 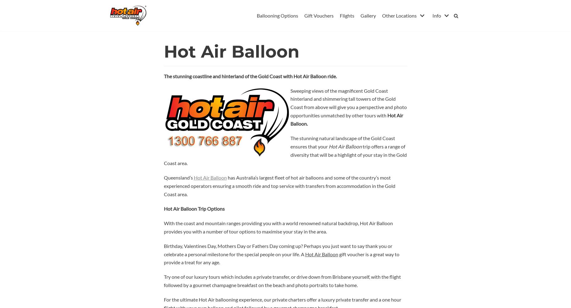 What do you see at coordinates (319, 15) in the screenshot?
I see `'Gift Vouchers'` at bounding box center [319, 15].